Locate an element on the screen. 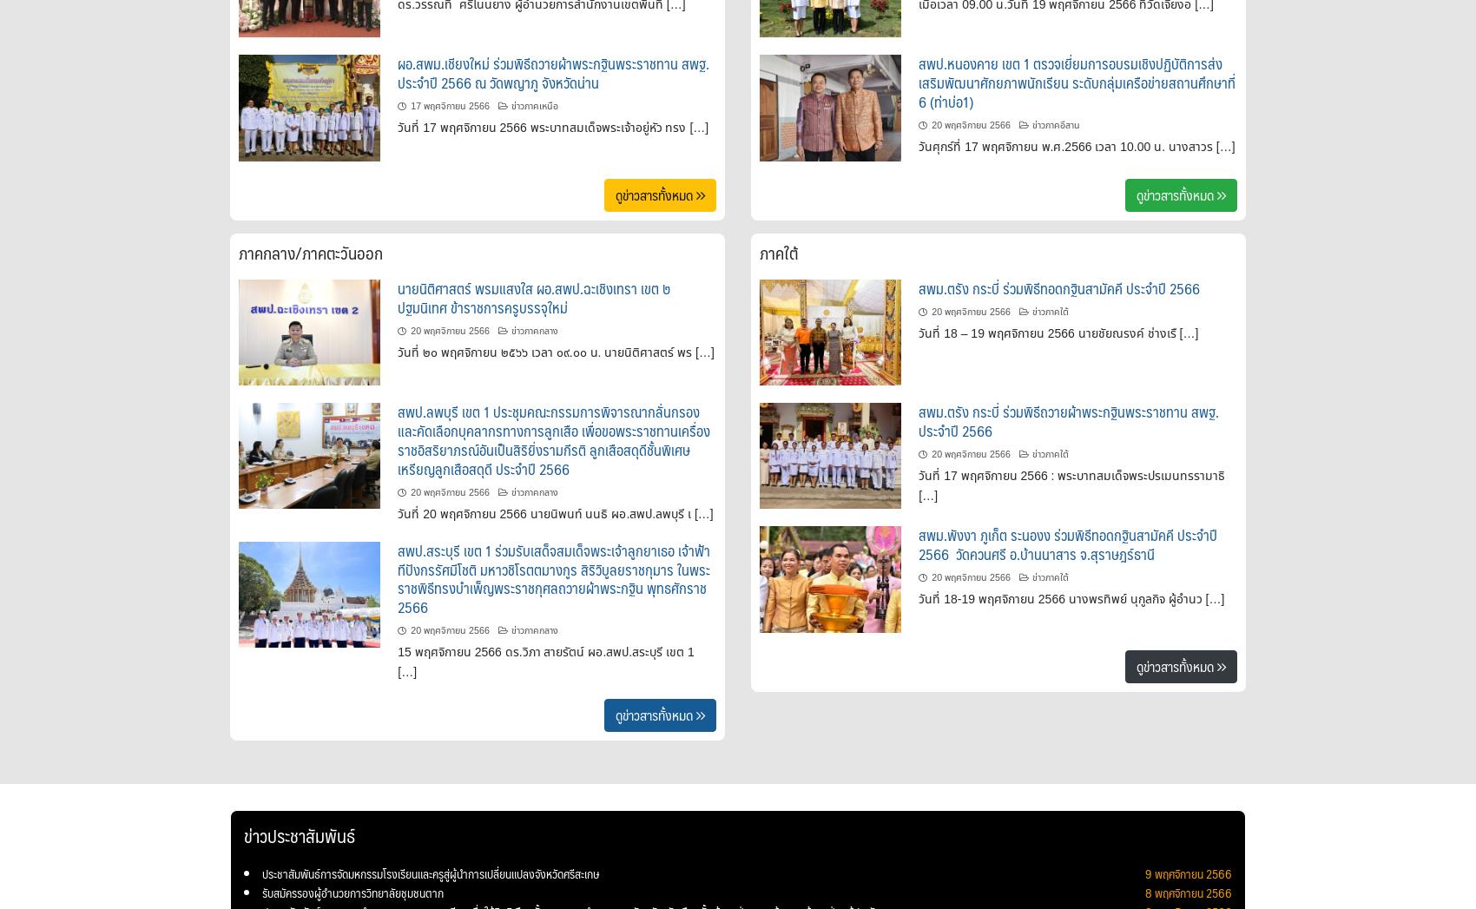 The image size is (1476, 909). 'สพป.ลพบุรี เขต 1 ประชุมคณะกรรมการพิจารณากลั่นกรอง และคัดเลือกบุคลากรทางการลูกเสือ เพื่อขอพระราชทานเครื่องราชอิสริยาภรณ์อันเป็นสิริยิ่งรามกีรติ ลูกเสือสดุดีชั้นพิเศษเหรียญลูกเสือสดุดี ประจำปี 2566' is located at coordinates (554, 438).